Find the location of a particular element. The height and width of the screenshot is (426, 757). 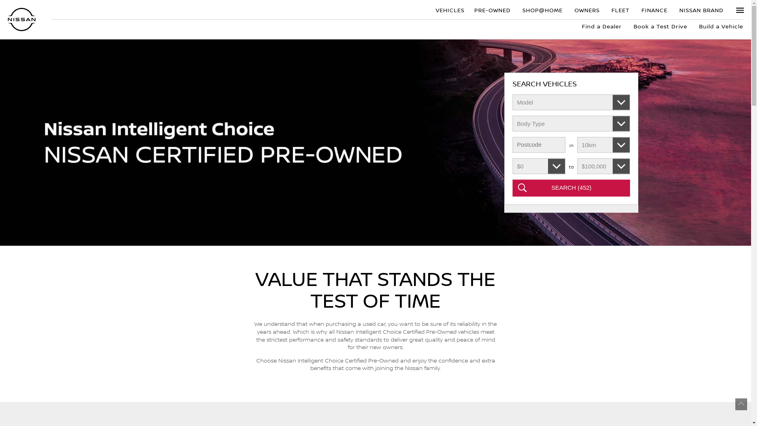

'PRE-OWNED' is located at coordinates (492, 9).